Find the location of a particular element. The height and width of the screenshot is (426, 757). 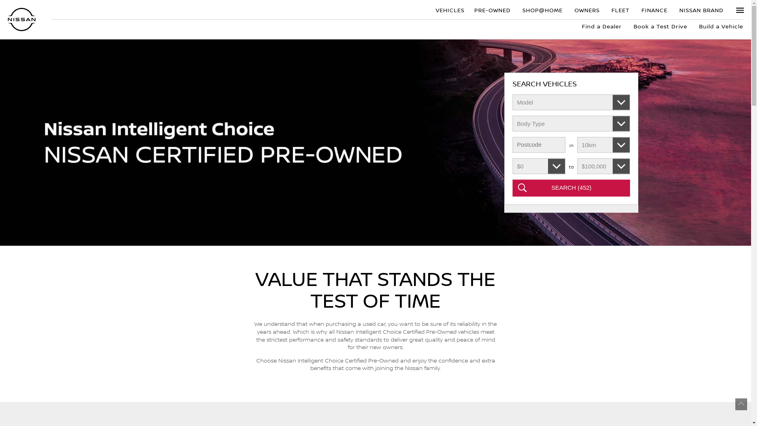

'PRE-OWNED' is located at coordinates (492, 9).